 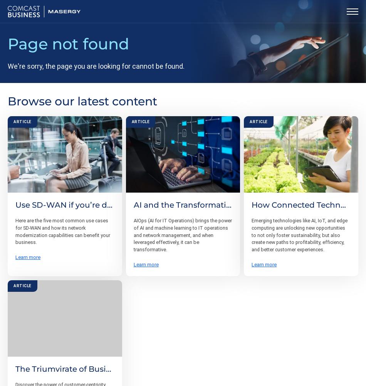 What do you see at coordinates (197, 279) in the screenshot?
I see `'Last Name'` at bounding box center [197, 279].